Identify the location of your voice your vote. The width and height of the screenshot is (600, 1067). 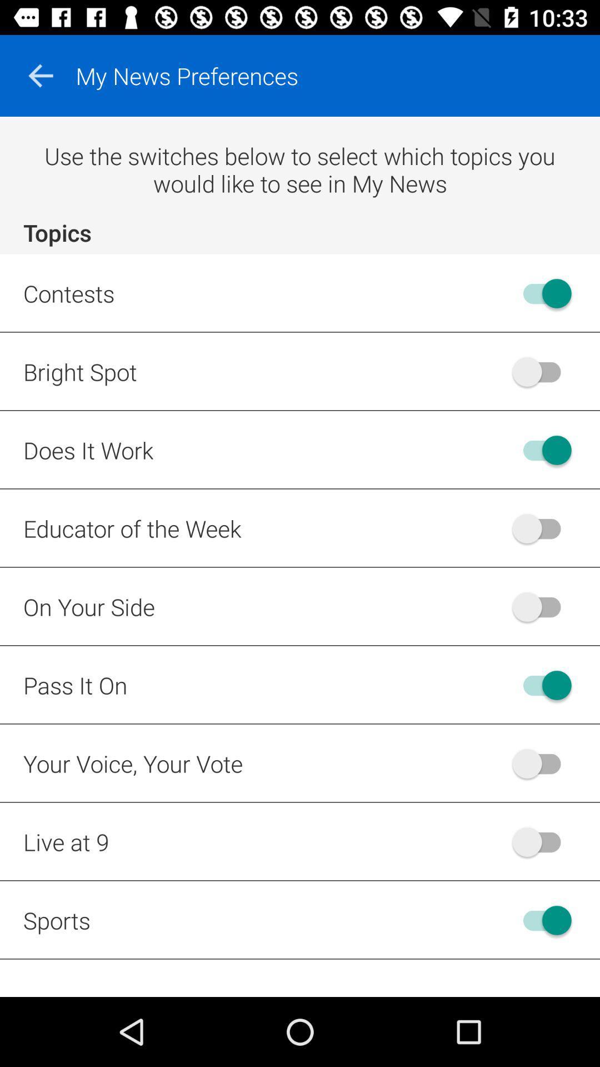
(541, 762).